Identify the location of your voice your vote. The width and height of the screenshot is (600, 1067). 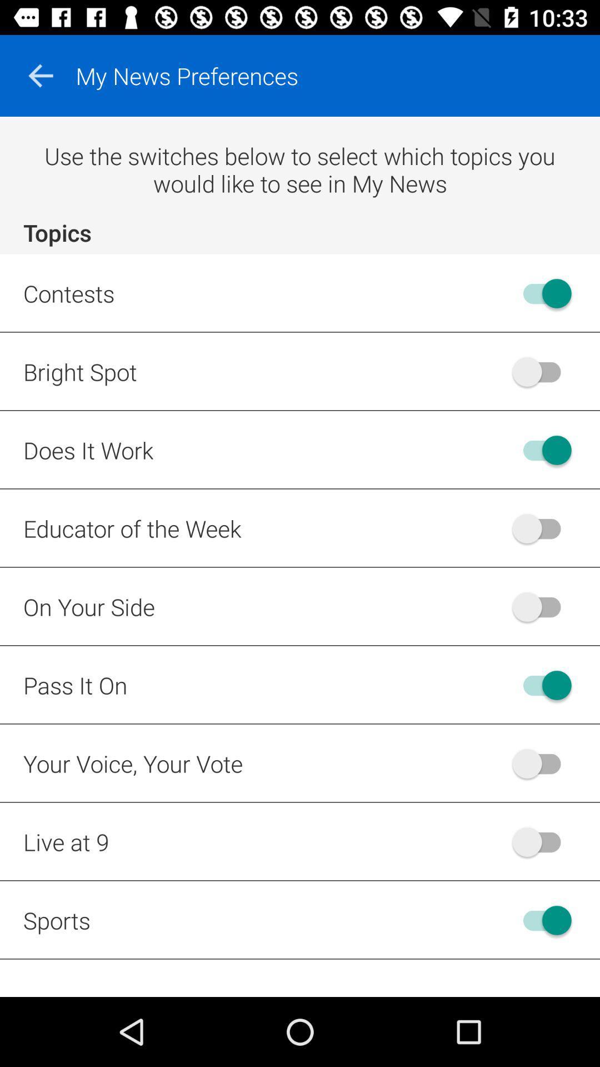
(541, 762).